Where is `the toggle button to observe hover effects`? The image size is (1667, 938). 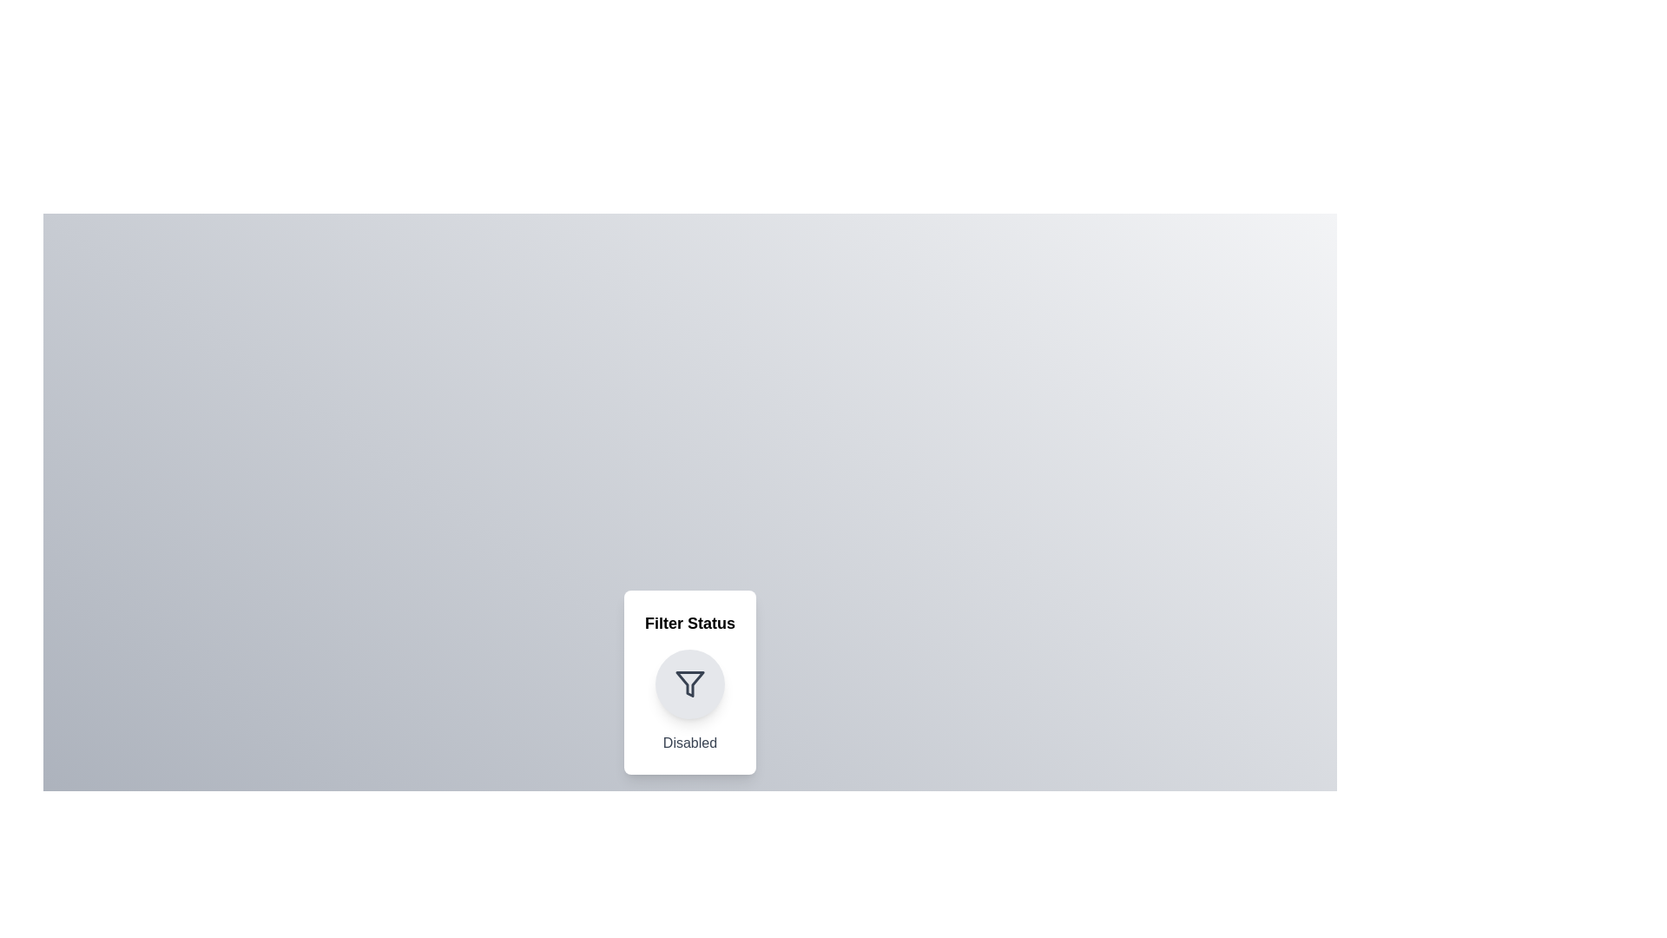
the toggle button to observe hover effects is located at coordinates (689, 683).